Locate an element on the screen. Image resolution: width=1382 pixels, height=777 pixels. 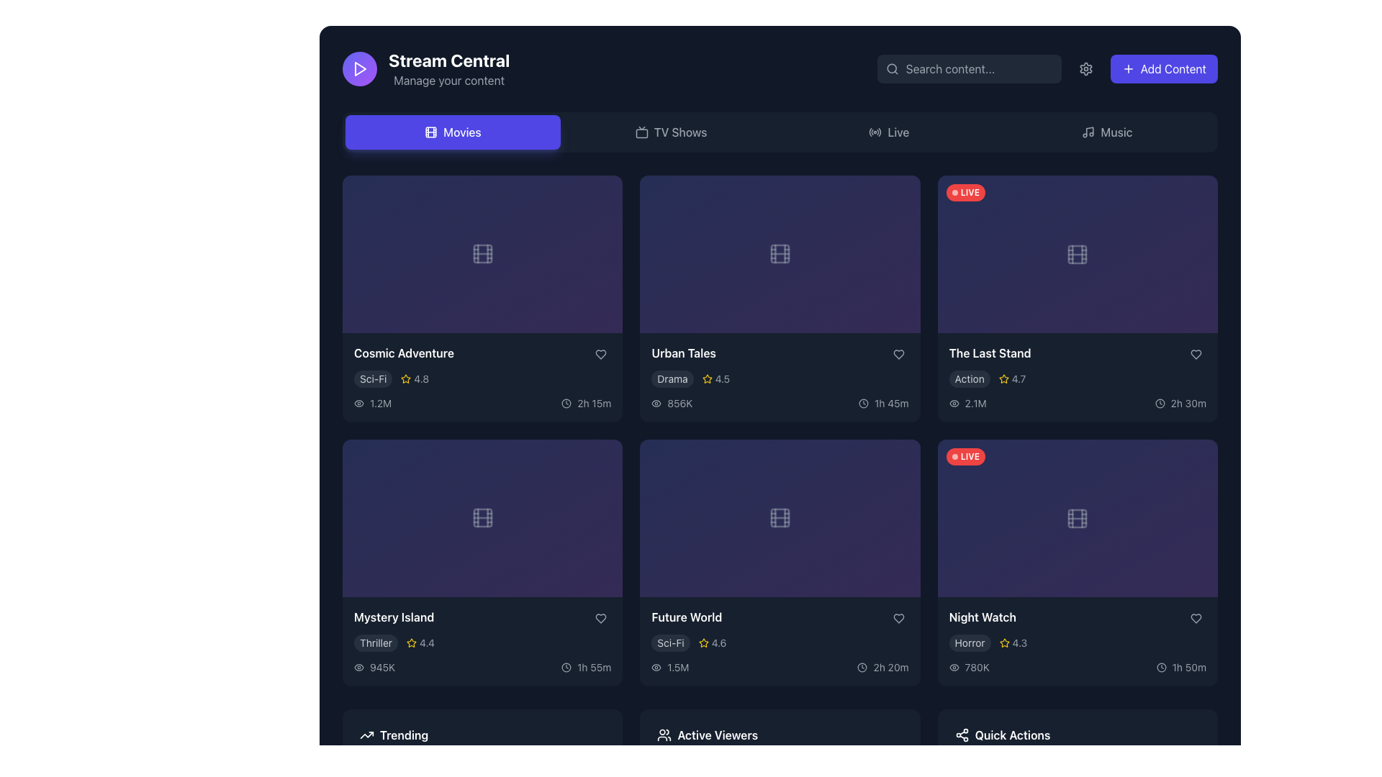
the triangular play icon within the circular button located at the top-left corner of the interface, above the 'Movies' section and next to the application title 'Stream Central' is located at coordinates (359, 69).